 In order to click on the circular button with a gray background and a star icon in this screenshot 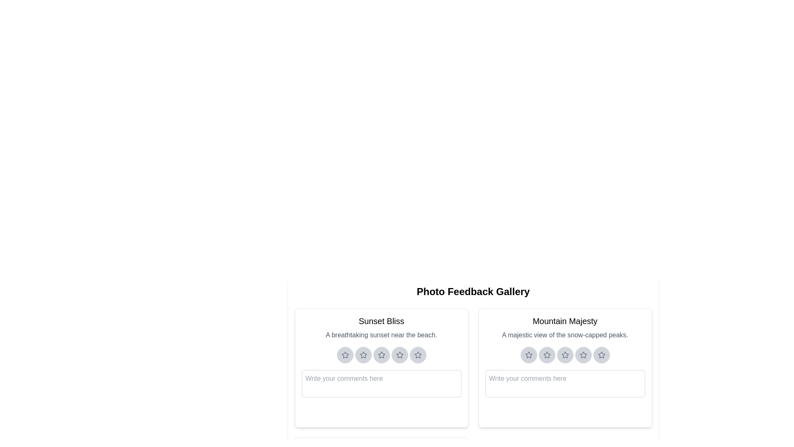, I will do `click(564, 354)`.